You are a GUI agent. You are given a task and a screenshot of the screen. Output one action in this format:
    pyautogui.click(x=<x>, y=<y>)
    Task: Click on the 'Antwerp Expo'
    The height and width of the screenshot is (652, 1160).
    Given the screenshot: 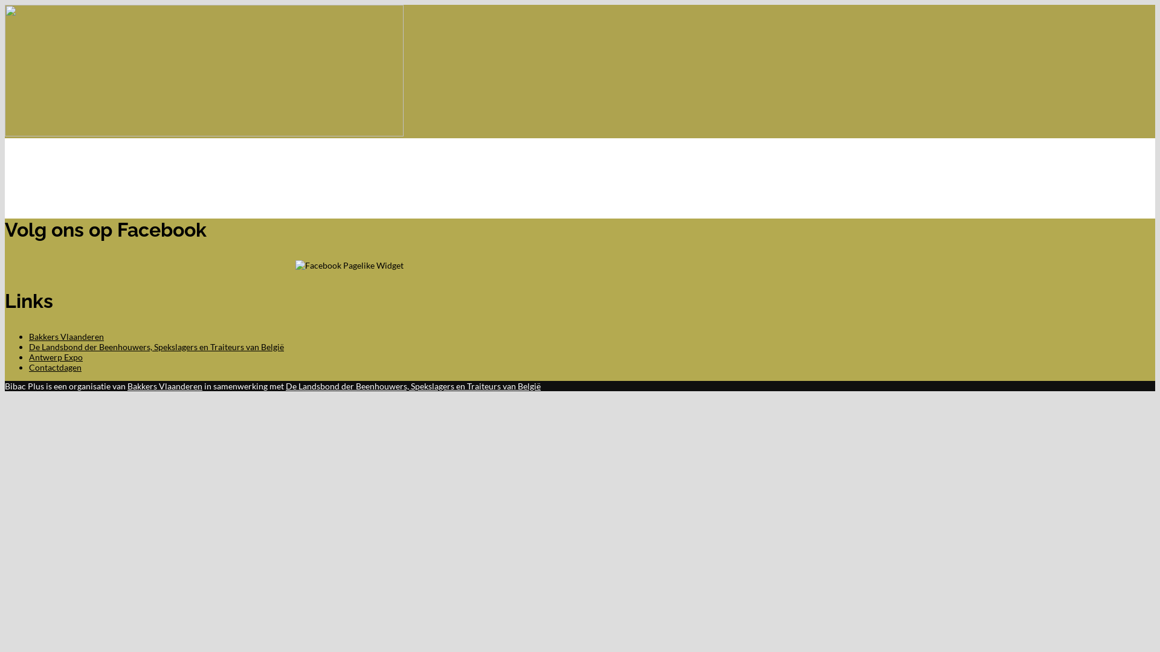 What is the action you would take?
    pyautogui.click(x=55, y=356)
    